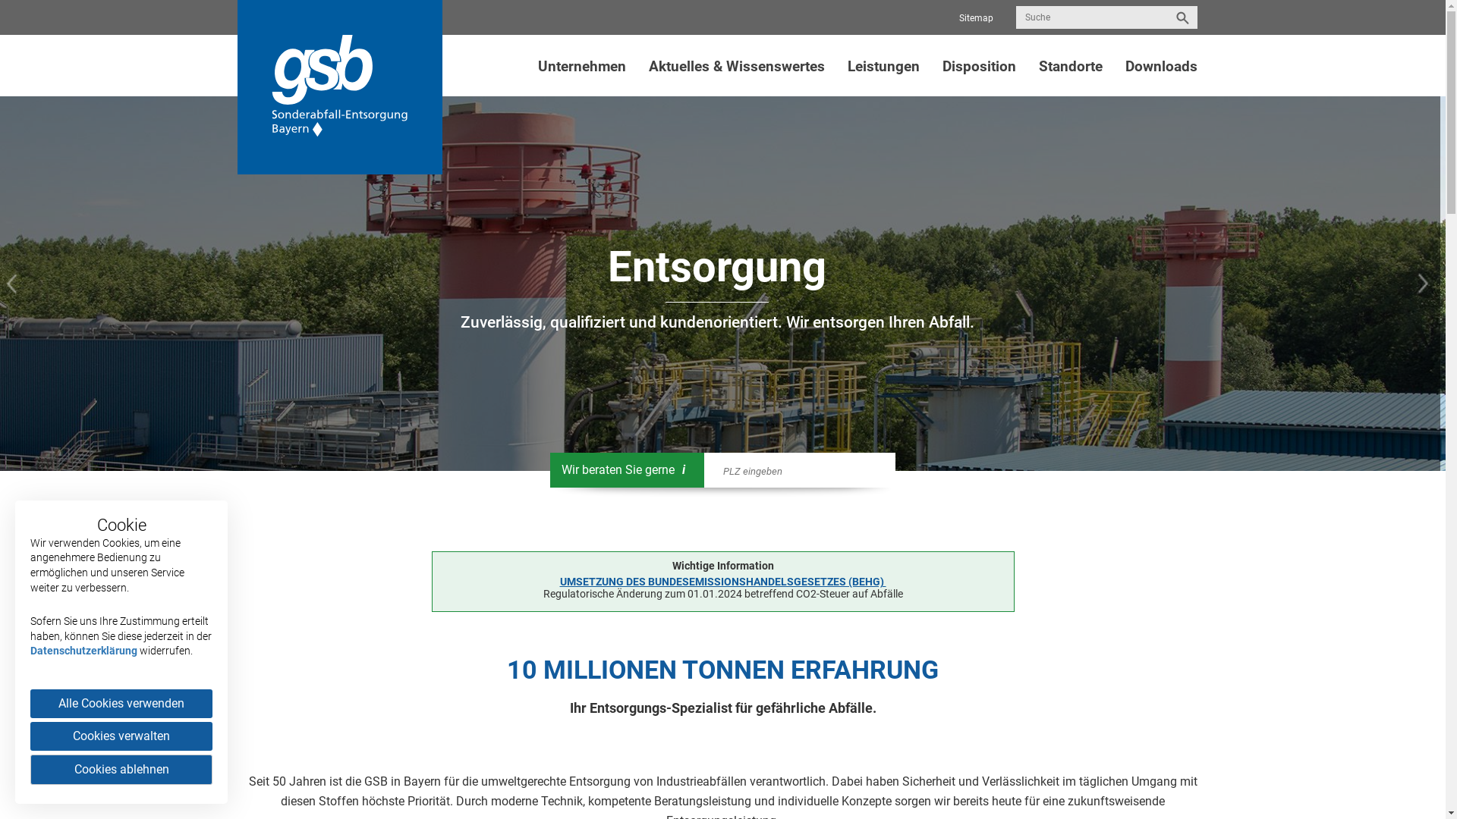 The width and height of the screenshot is (1457, 819). What do you see at coordinates (1160, 65) in the screenshot?
I see `'Downloads'` at bounding box center [1160, 65].